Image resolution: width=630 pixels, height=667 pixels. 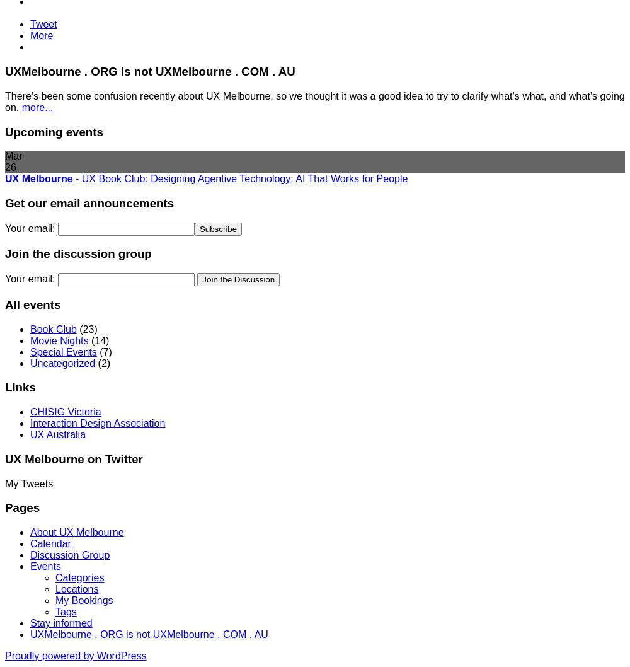 What do you see at coordinates (30, 633) in the screenshot?
I see `'UXMelbourne . ORG is not UXMelbourne . COM . AU'` at bounding box center [30, 633].